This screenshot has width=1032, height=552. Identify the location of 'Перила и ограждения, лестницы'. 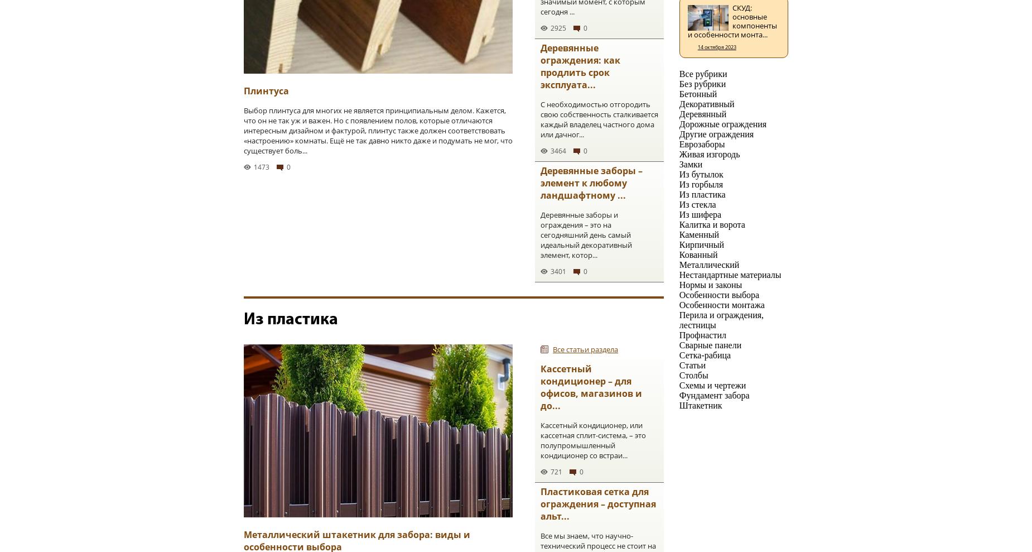
(720, 319).